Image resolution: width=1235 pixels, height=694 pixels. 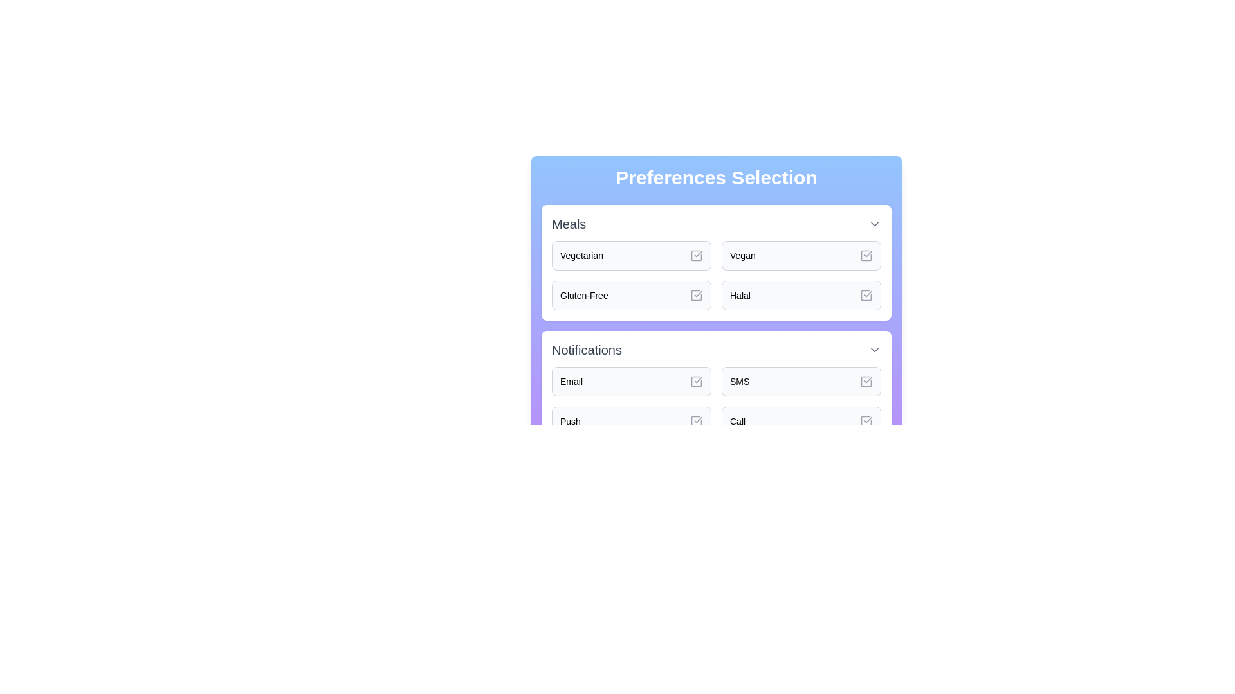 I want to click on the Checkbox-like icon representing the 'Halal' preference option, so click(x=866, y=295).